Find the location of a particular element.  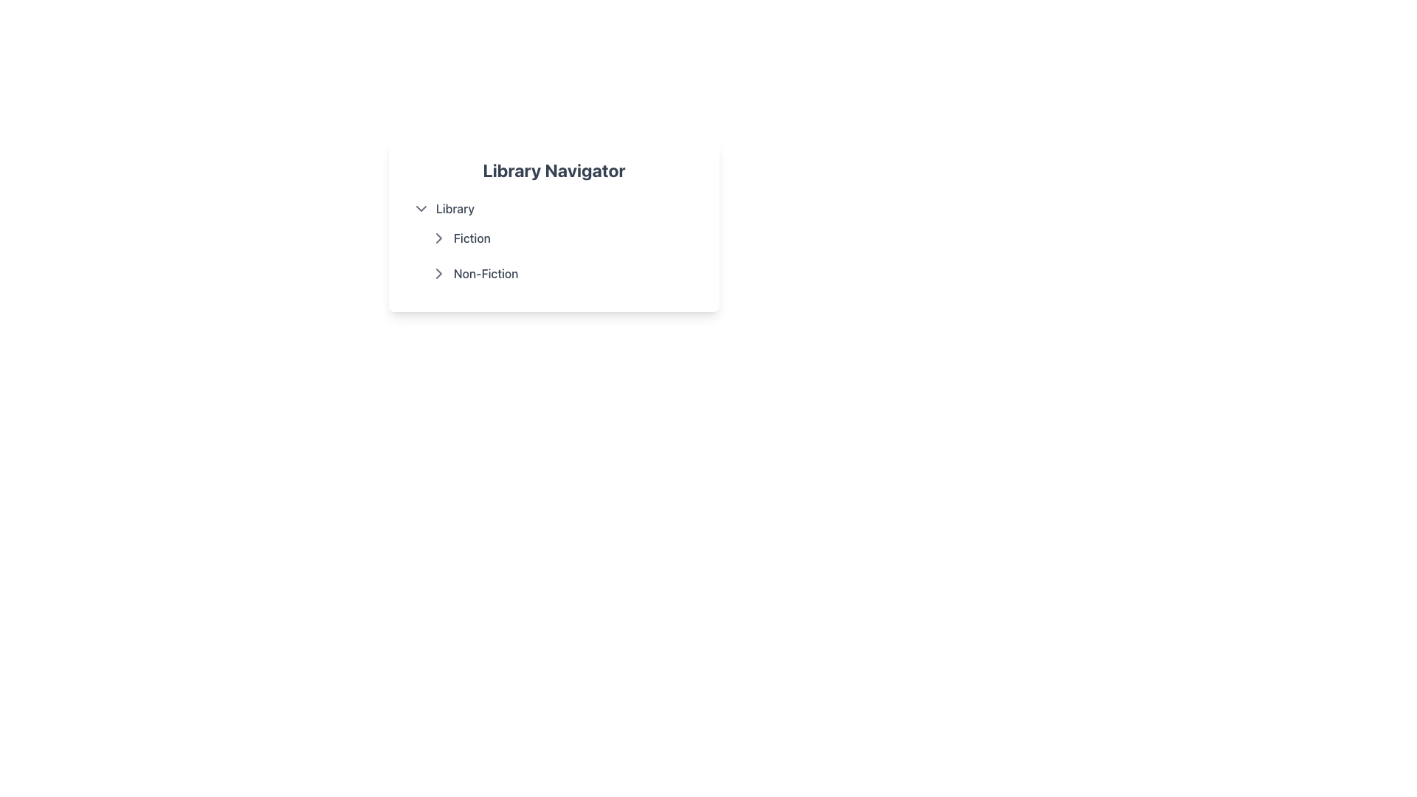

the middle navigation menu item labeled 'Fiction' in the Library Navigator, which is part of a hierarchical navigation structure is located at coordinates (553, 241).